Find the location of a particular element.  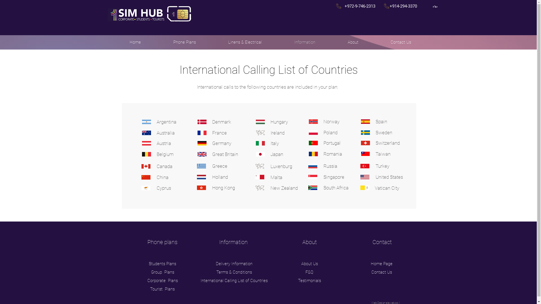

'Linens & Electrical' is located at coordinates (245, 42).